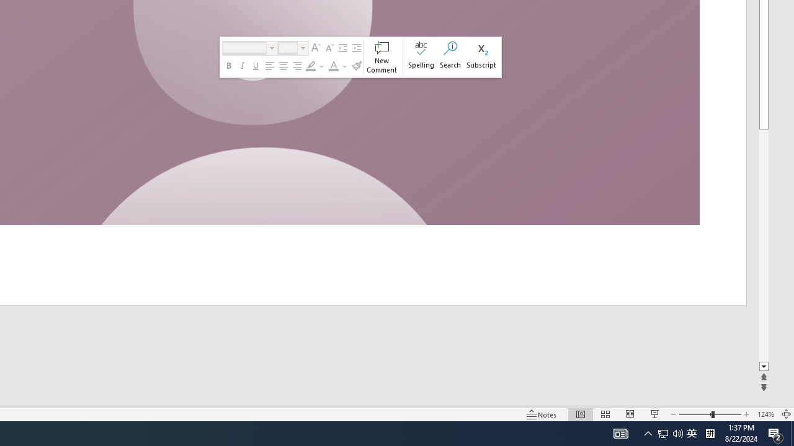  Describe the element at coordinates (287, 47) in the screenshot. I see `'Class: NetUITextbox'` at that location.